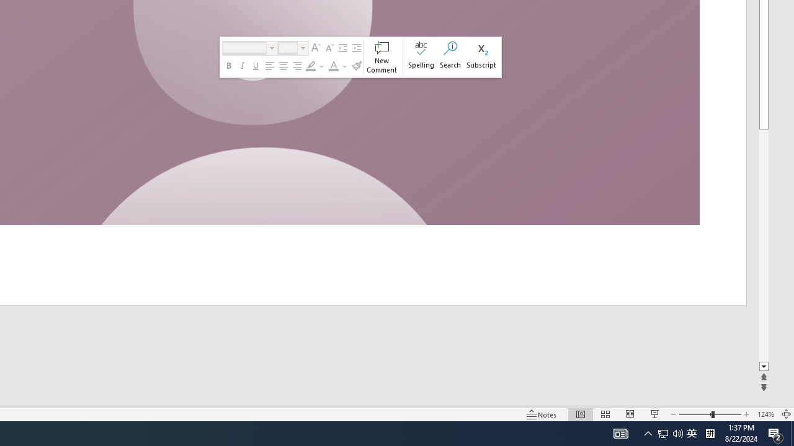  Describe the element at coordinates (287, 47) in the screenshot. I see `'Class: NetUITextbox'` at that location.